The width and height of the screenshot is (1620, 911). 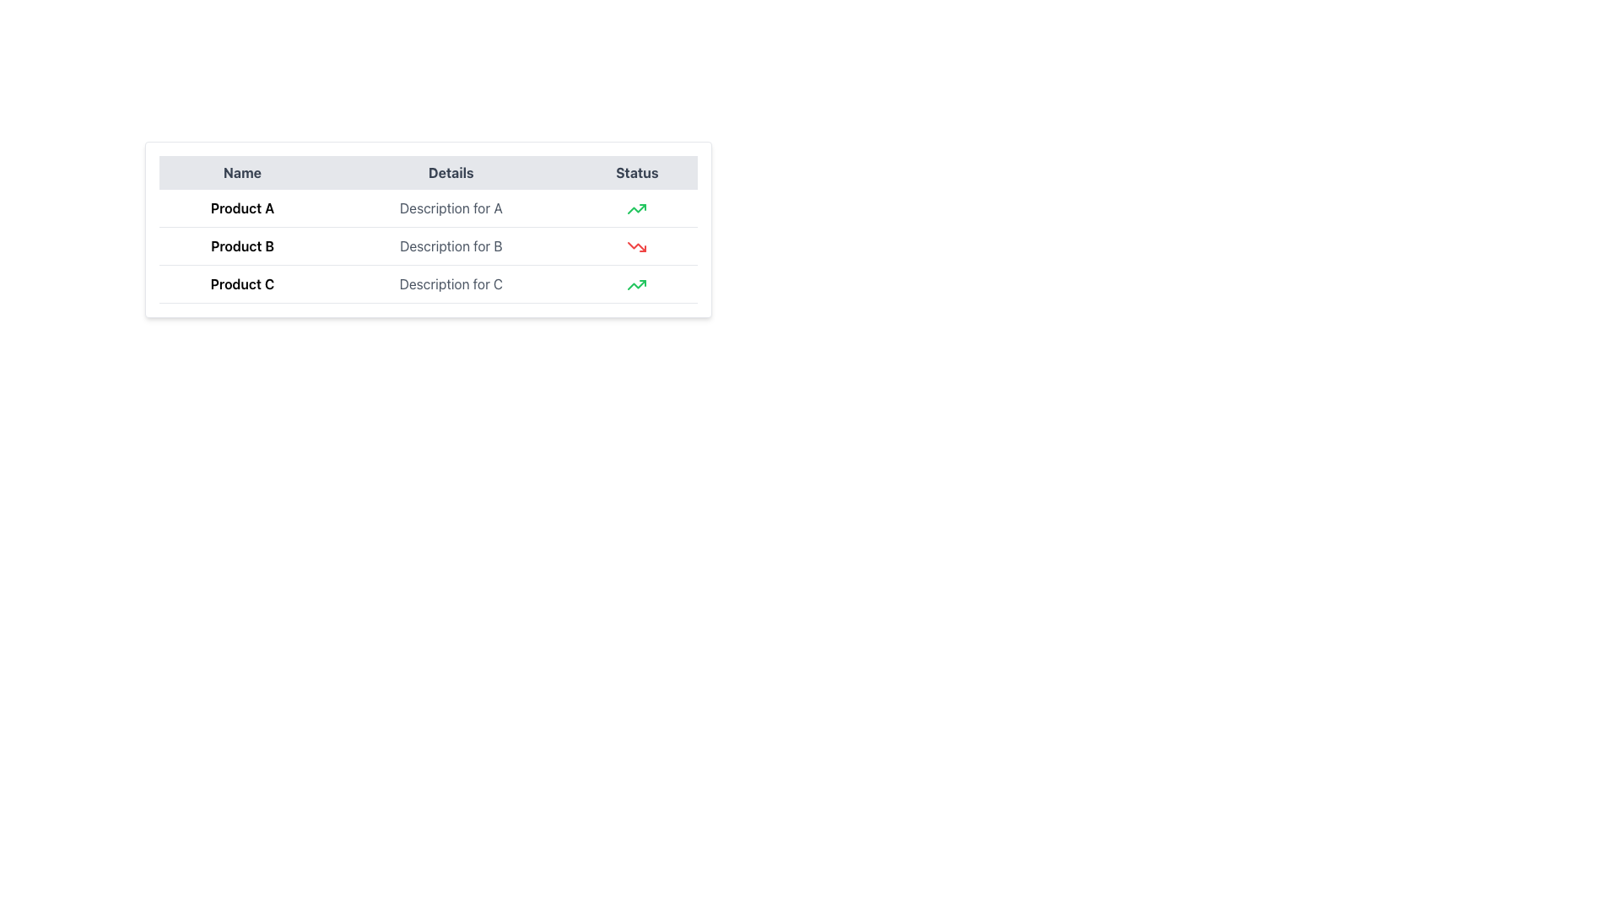 What do you see at coordinates (451, 208) in the screenshot?
I see `the text label that provides additional information for 'Product A', located in the second column of the first row of a table-like structure` at bounding box center [451, 208].